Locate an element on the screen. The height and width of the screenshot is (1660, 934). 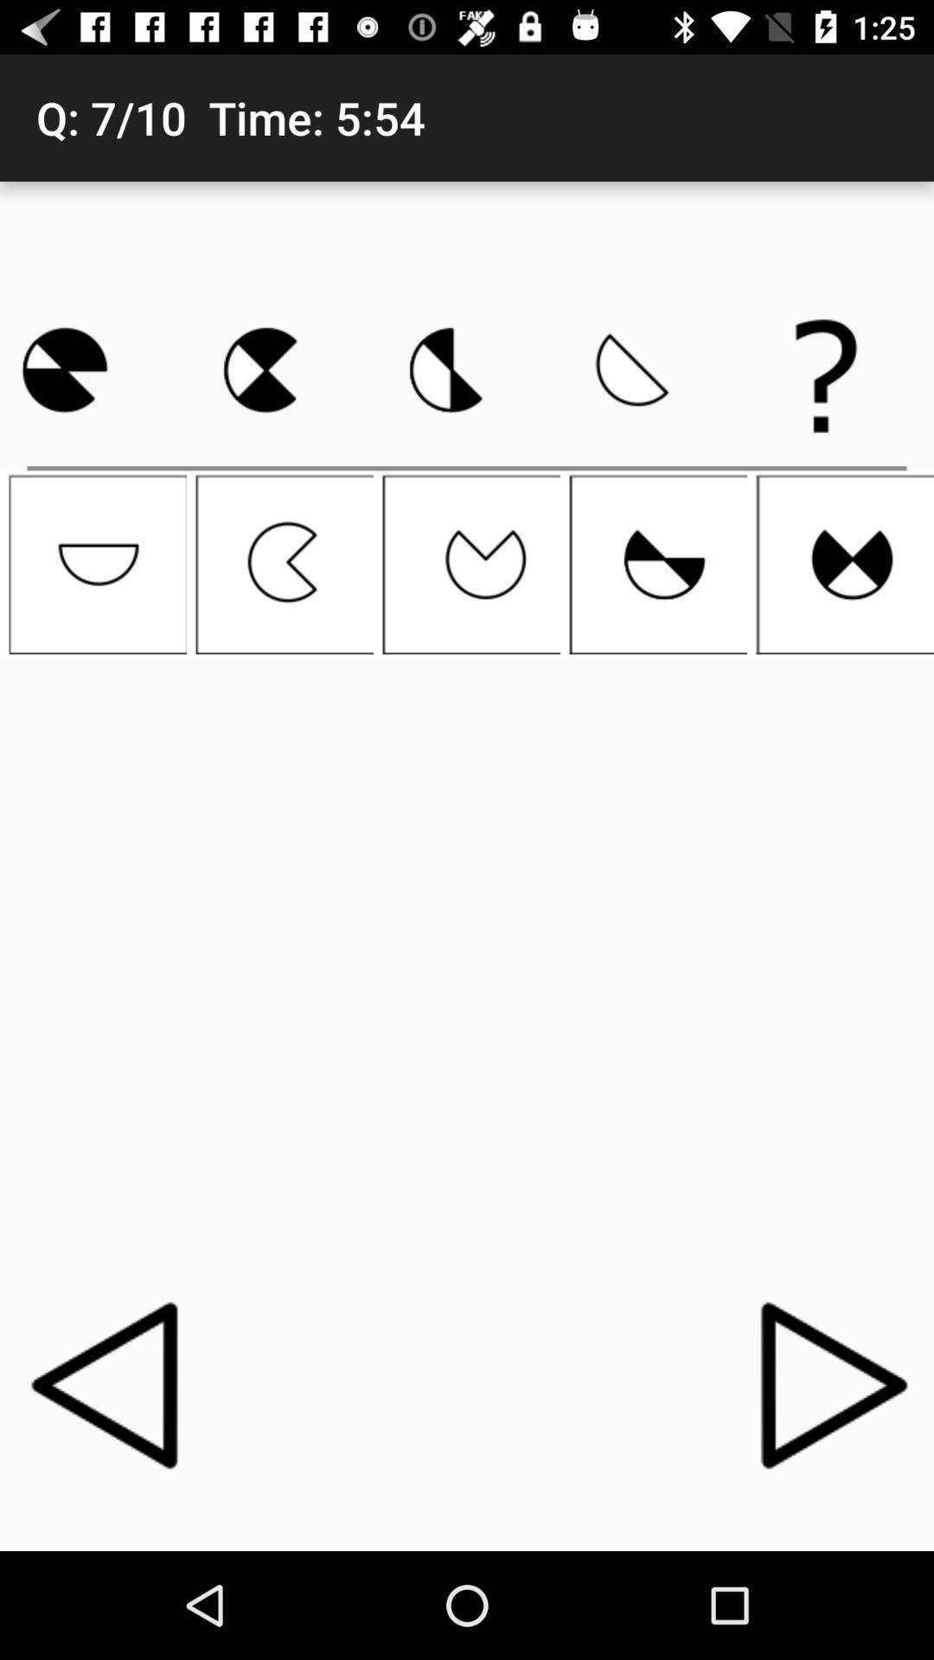
icon at the bottom left corner is located at coordinates (109, 1384).